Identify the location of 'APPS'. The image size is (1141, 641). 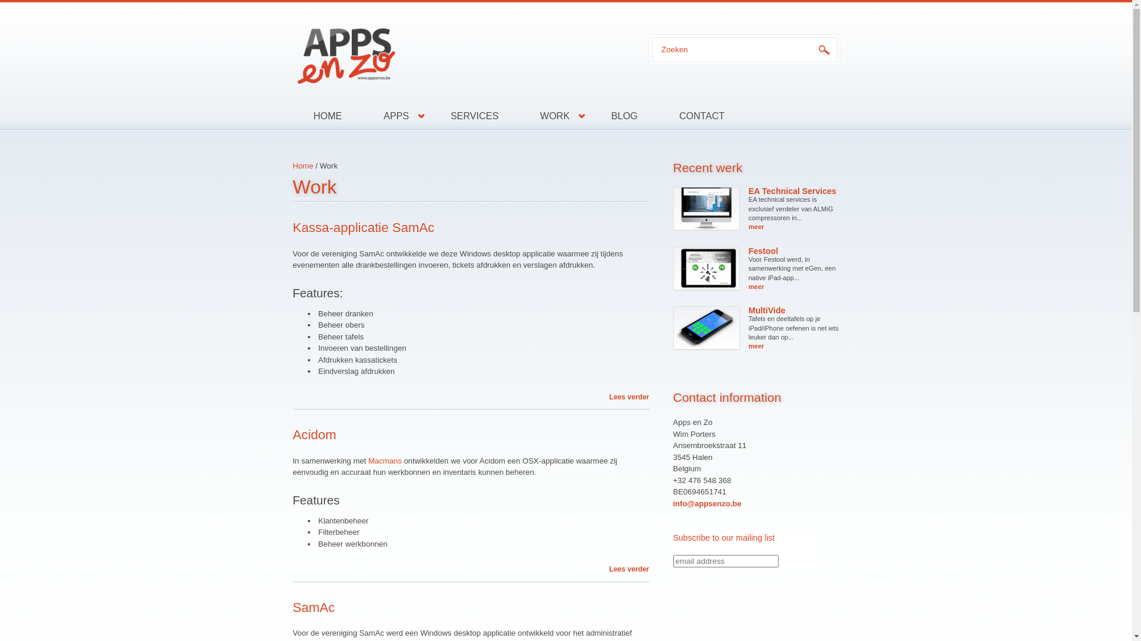
(396, 116).